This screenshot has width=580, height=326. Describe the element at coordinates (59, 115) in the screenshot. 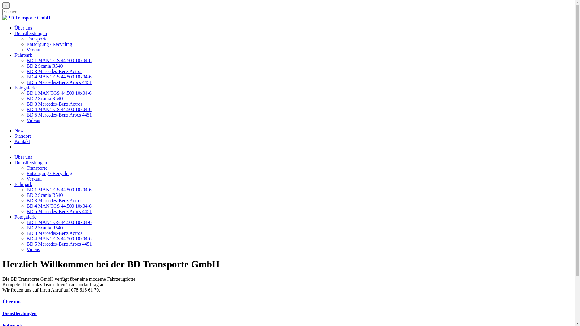

I see `'BD 5 Mercedes-Benz Arocs 4451'` at that location.